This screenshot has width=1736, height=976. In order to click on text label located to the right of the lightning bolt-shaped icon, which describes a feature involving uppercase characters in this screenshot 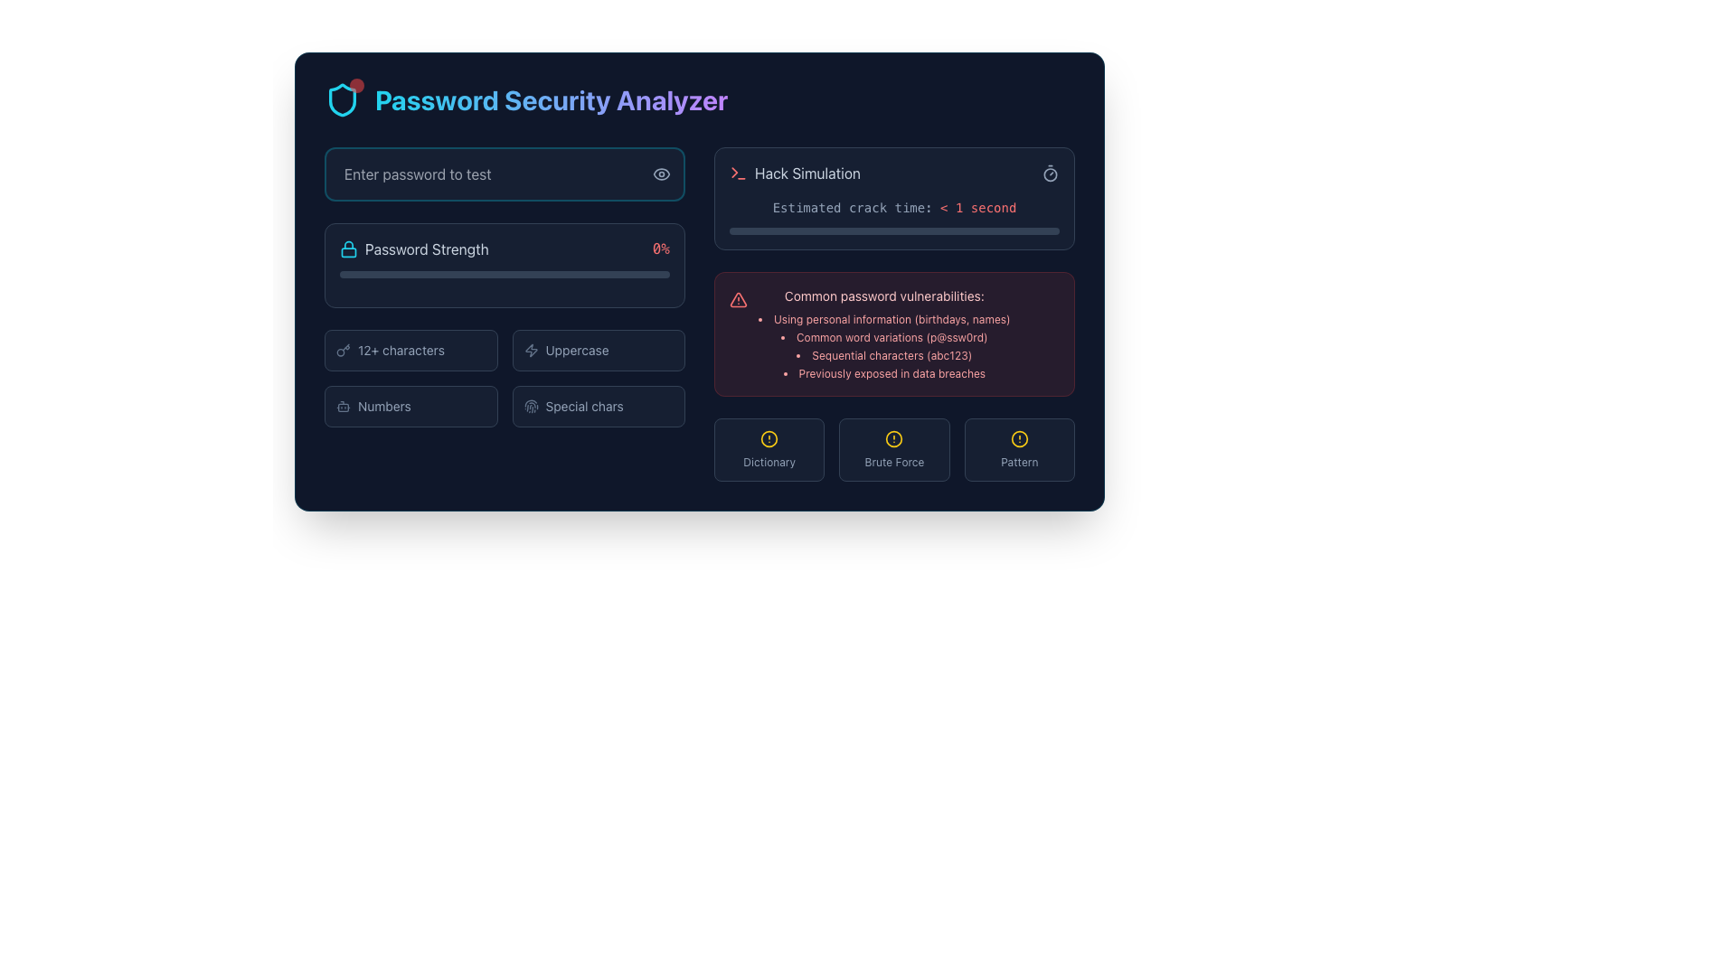, I will do `click(576, 351)`.